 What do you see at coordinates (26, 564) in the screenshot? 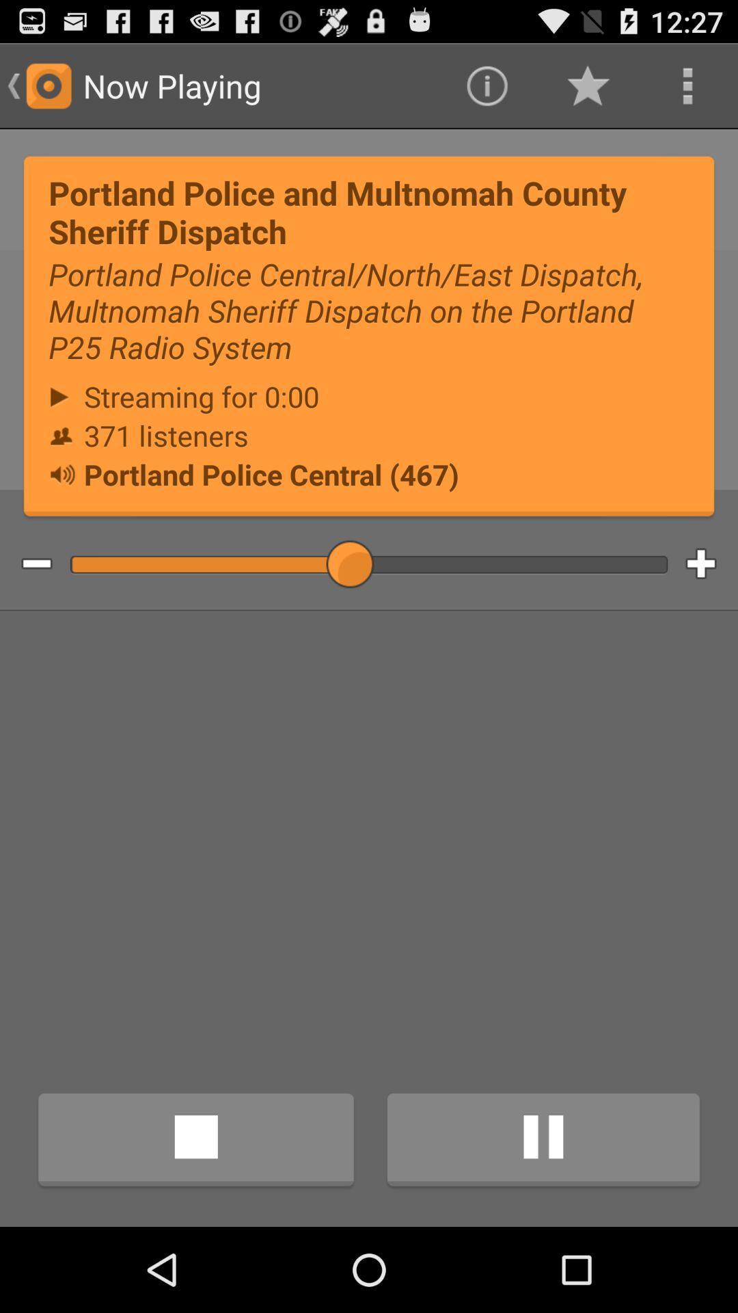
I see `turn down volume` at bounding box center [26, 564].